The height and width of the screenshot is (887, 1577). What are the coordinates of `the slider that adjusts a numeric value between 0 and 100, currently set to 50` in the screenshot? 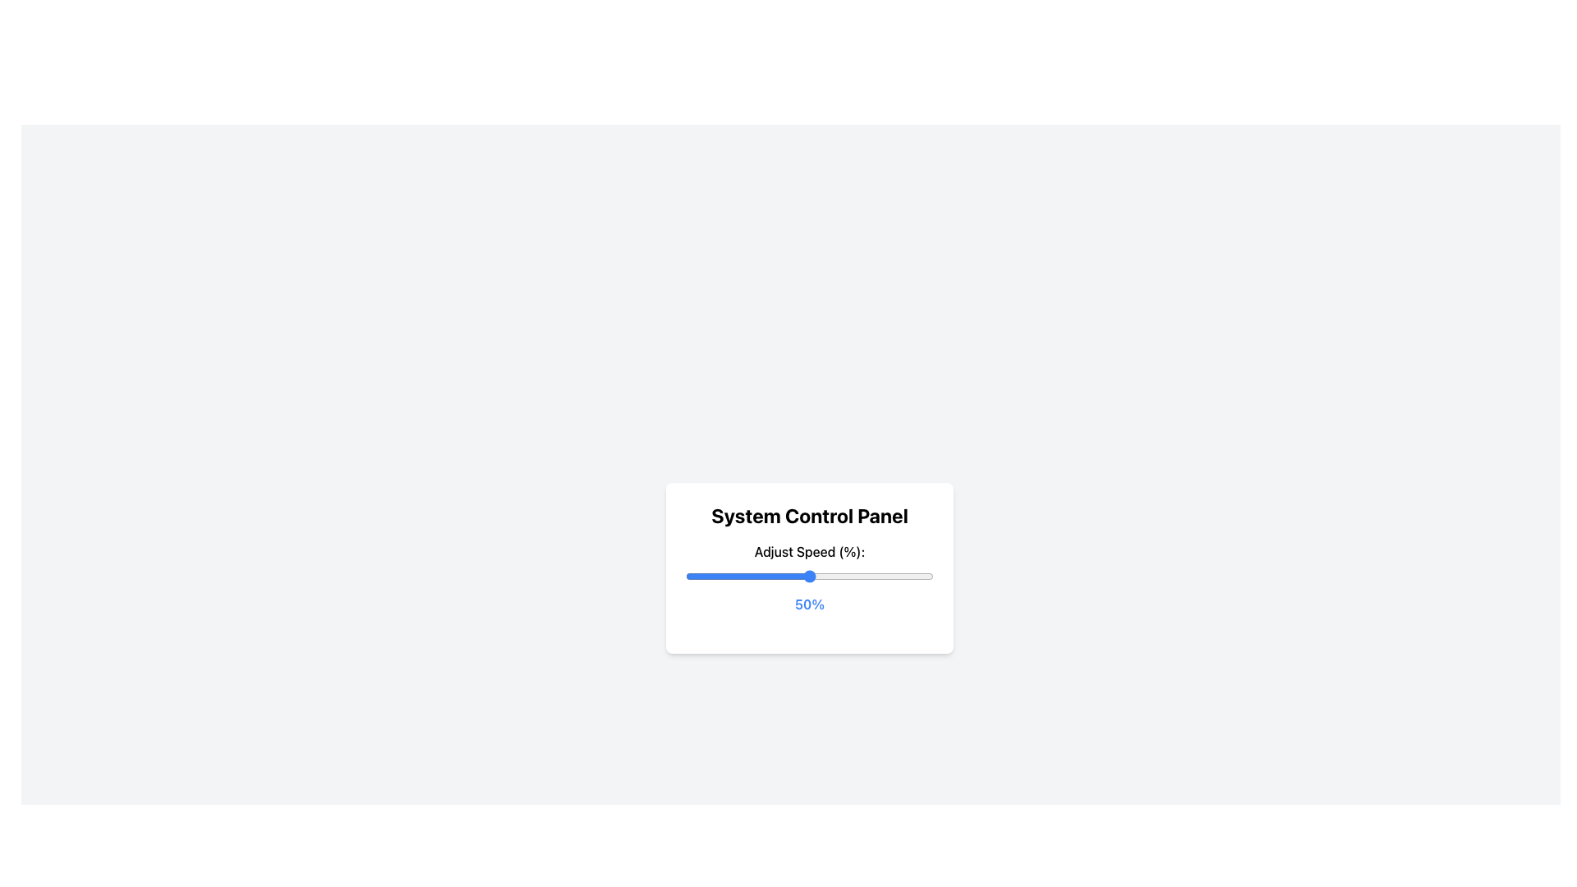 It's located at (809, 576).